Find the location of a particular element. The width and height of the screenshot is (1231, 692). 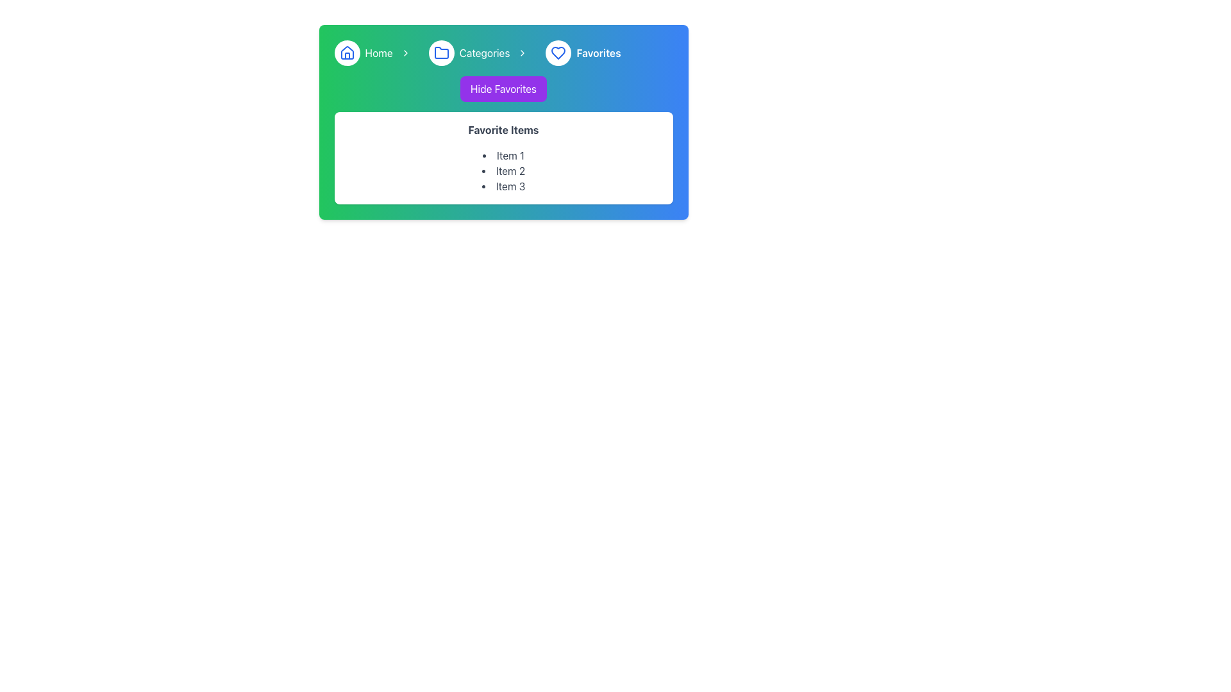

the 'Categories' Icon Button in the breadcrumb navigation, which is located to the right of the 'Home' section and adjacent to the text 'Categories' is located at coordinates (441, 53).